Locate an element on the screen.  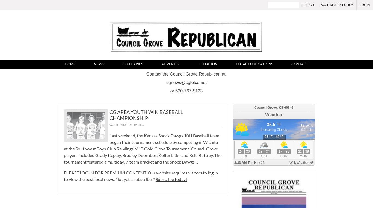
'Contact' is located at coordinates (299, 64).